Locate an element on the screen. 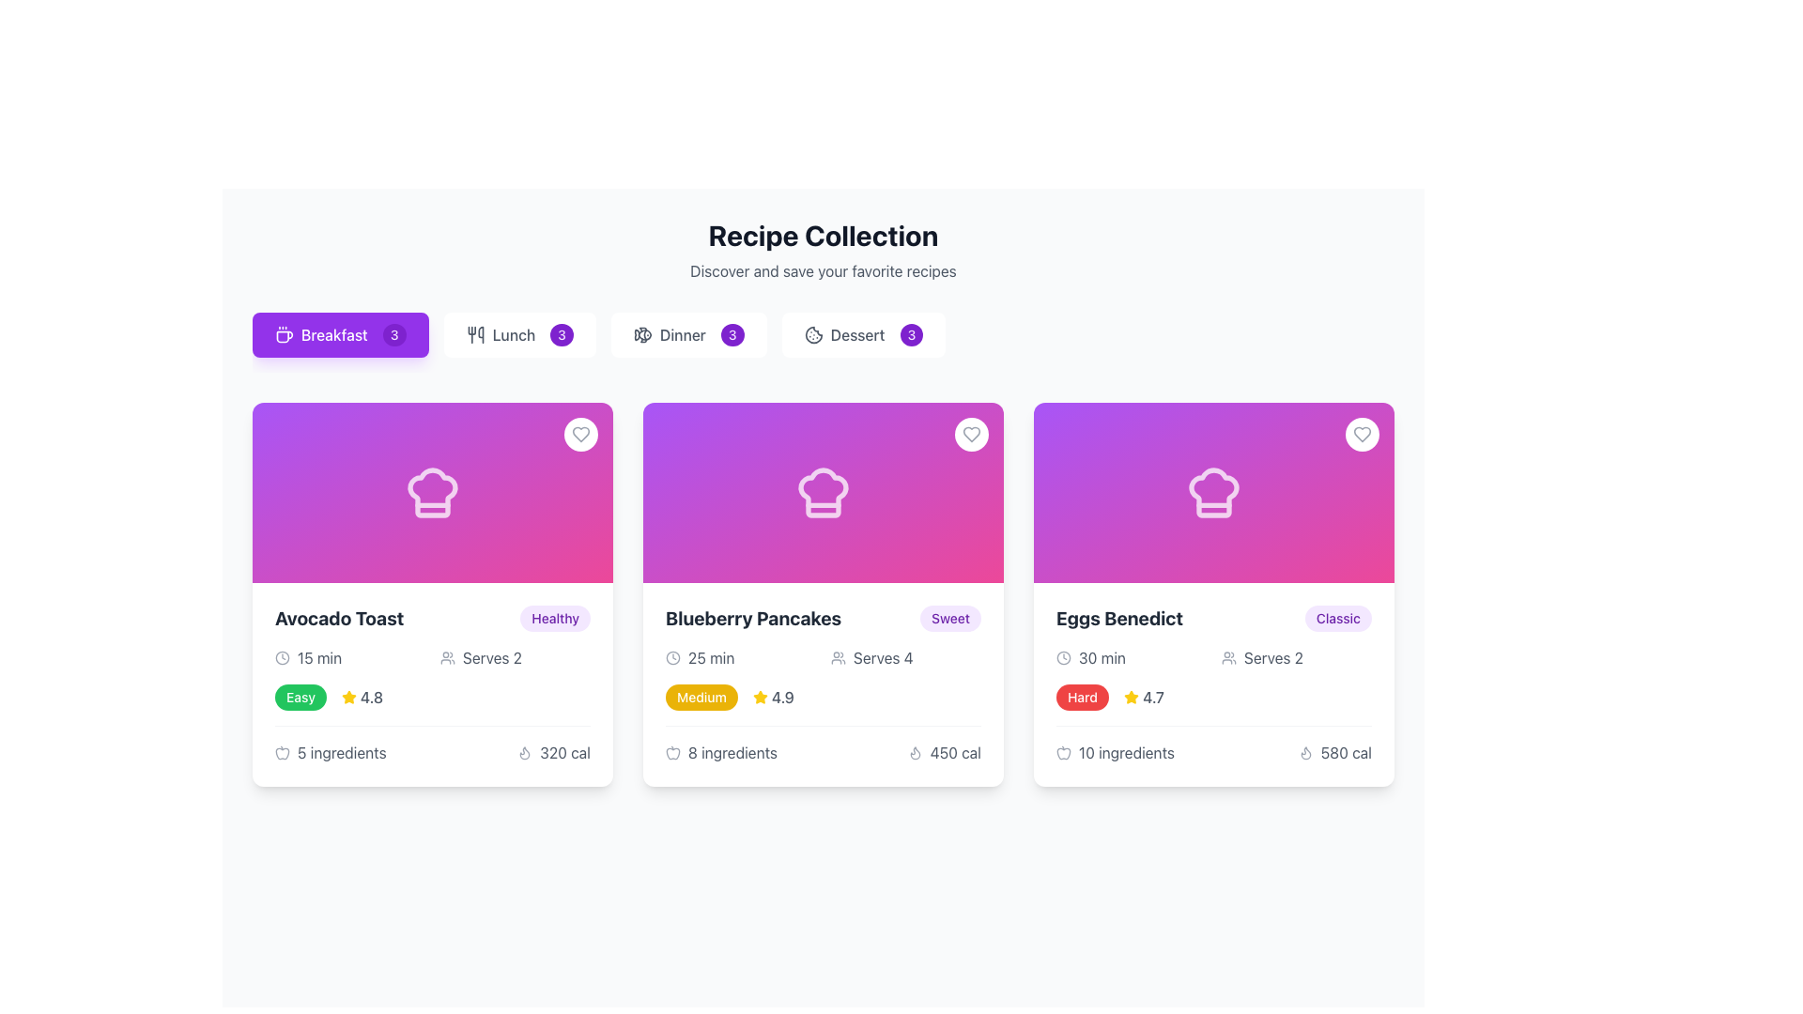 This screenshot has height=1014, width=1803. the small, pill-shaped purple badge displaying the number '3', located at the upper-right corner of the 'Dessert' button in the 'Recipe Collection' is located at coordinates (911, 334).